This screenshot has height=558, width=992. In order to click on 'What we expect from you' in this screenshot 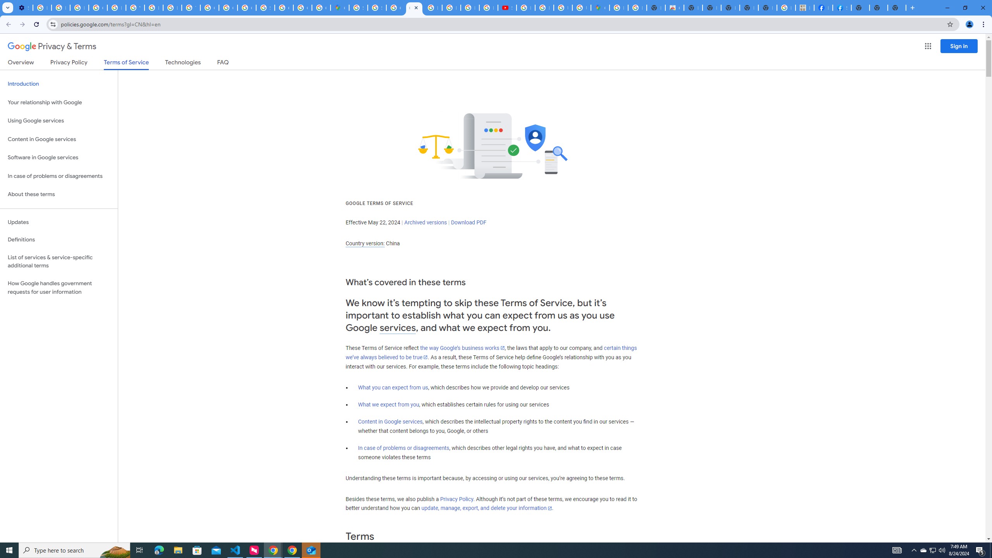, I will do `click(388, 404)`.